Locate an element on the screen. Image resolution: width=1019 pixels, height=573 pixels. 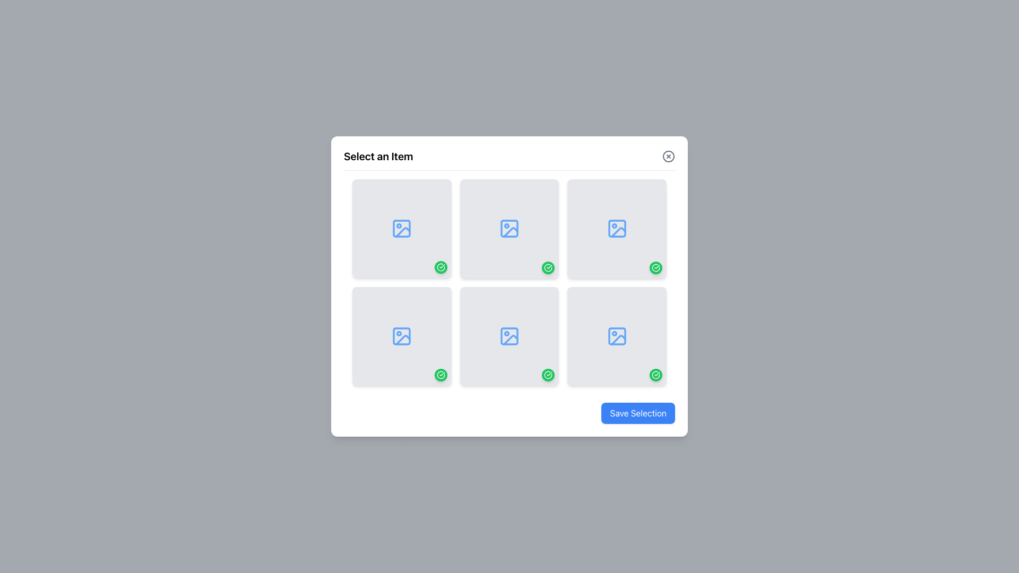
the text label that serves as the heading or title for the dialog box, positioned in the top-left area of the dialog box is located at coordinates (378, 156).